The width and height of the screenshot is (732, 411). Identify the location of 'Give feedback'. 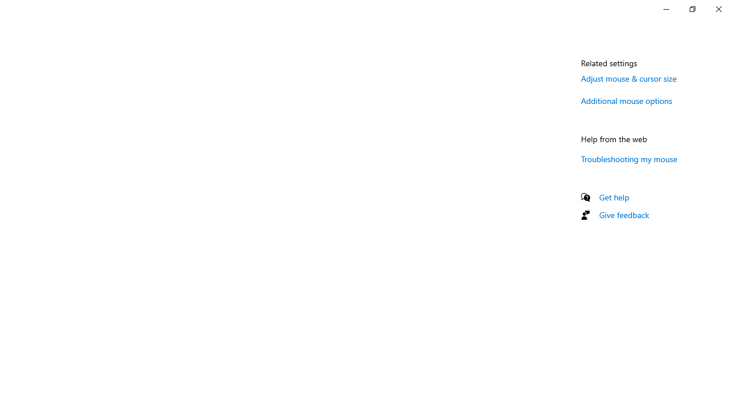
(623, 215).